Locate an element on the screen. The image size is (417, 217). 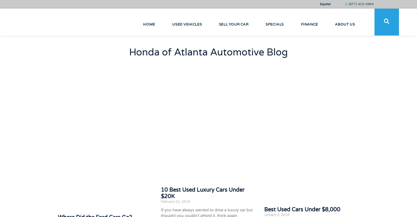
'Specials' is located at coordinates (265, 24).